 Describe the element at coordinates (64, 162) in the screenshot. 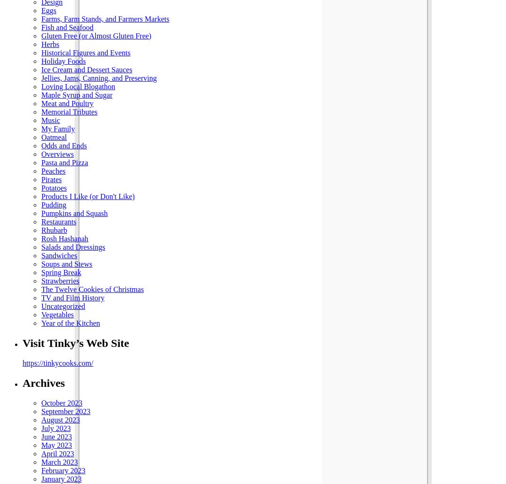

I see `'Pasta and Pizza'` at that location.